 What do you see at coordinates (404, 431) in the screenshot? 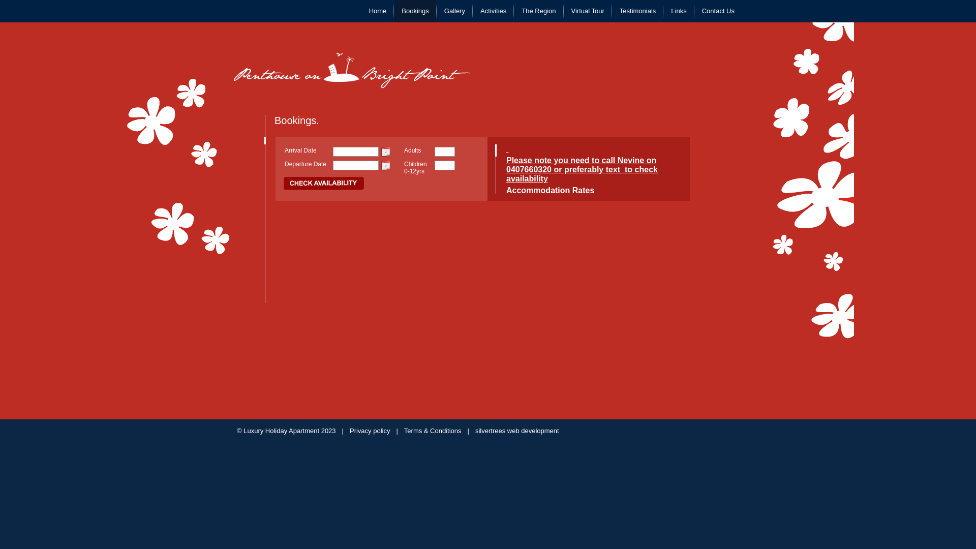
I see `'Terms & Conditions'` at bounding box center [404, 431].